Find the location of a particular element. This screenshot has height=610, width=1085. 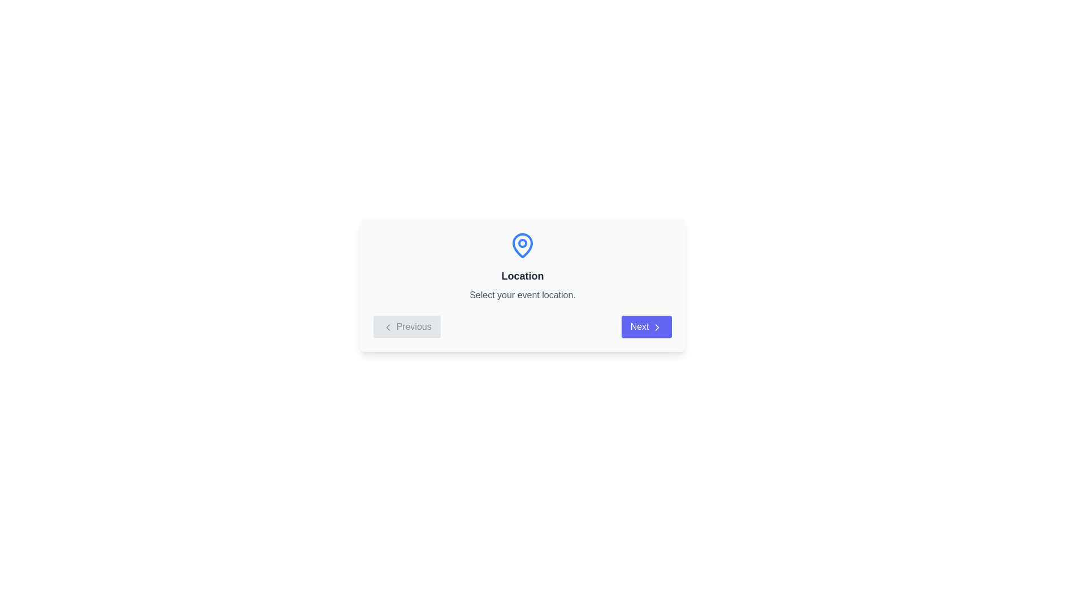

the icon representing the tab Setup is located at coordinates (550, 245).